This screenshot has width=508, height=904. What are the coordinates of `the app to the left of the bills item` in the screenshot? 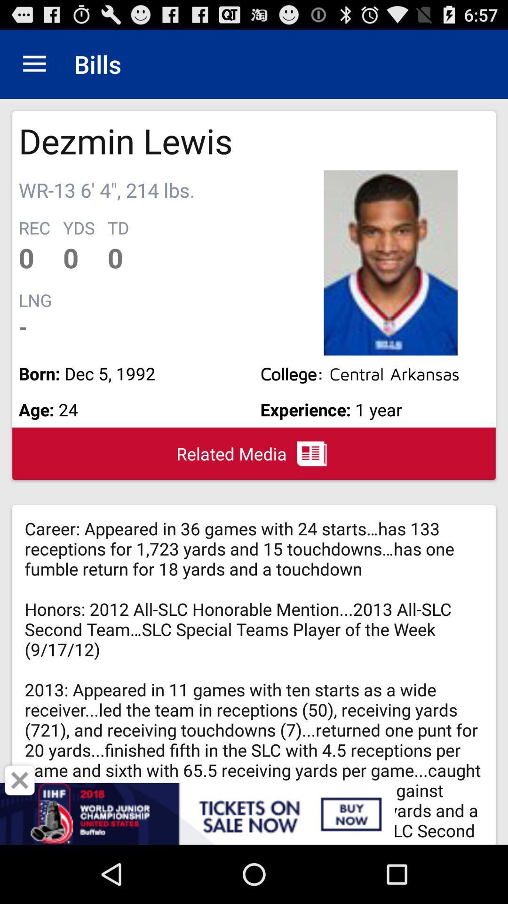 It's located at (34, 64).